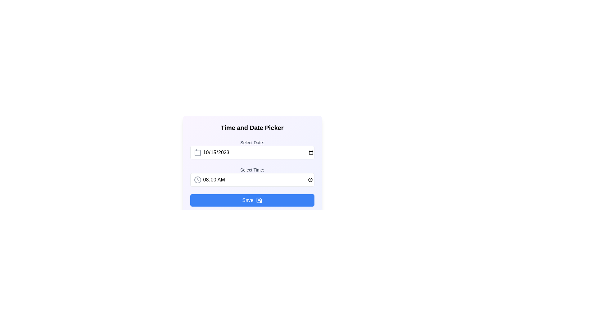 The image size is (596, 335). Describe the element at coordinates (252, 142) in the screenshot. I see `the Text label that provides context for the date input field, located near the top of the date picker interface, directly above the date input field` at that location.